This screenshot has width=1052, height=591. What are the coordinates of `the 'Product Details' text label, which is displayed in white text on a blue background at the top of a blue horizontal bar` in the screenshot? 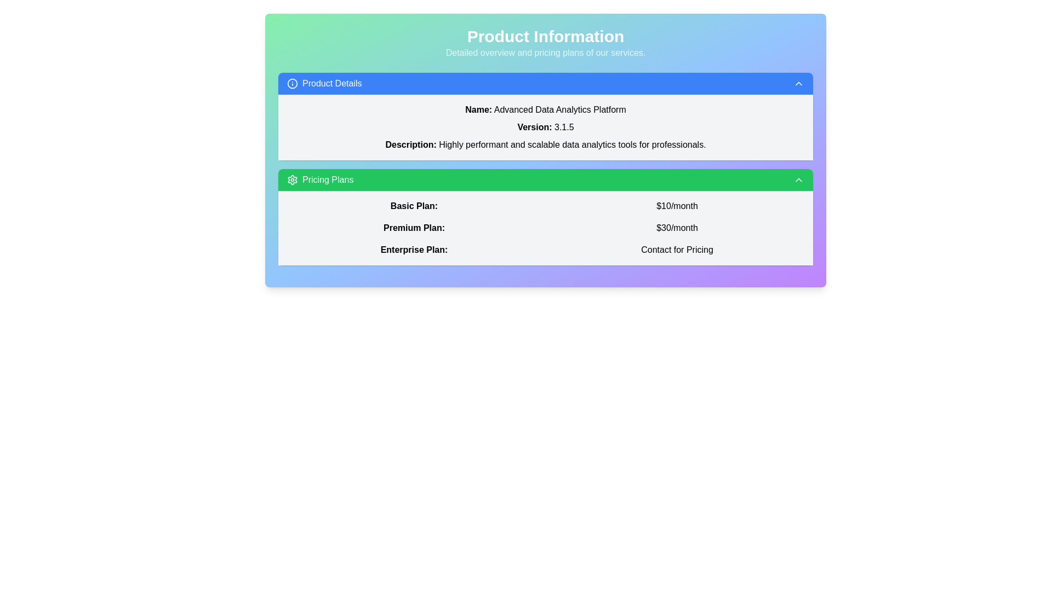 It's located at (331, 83).